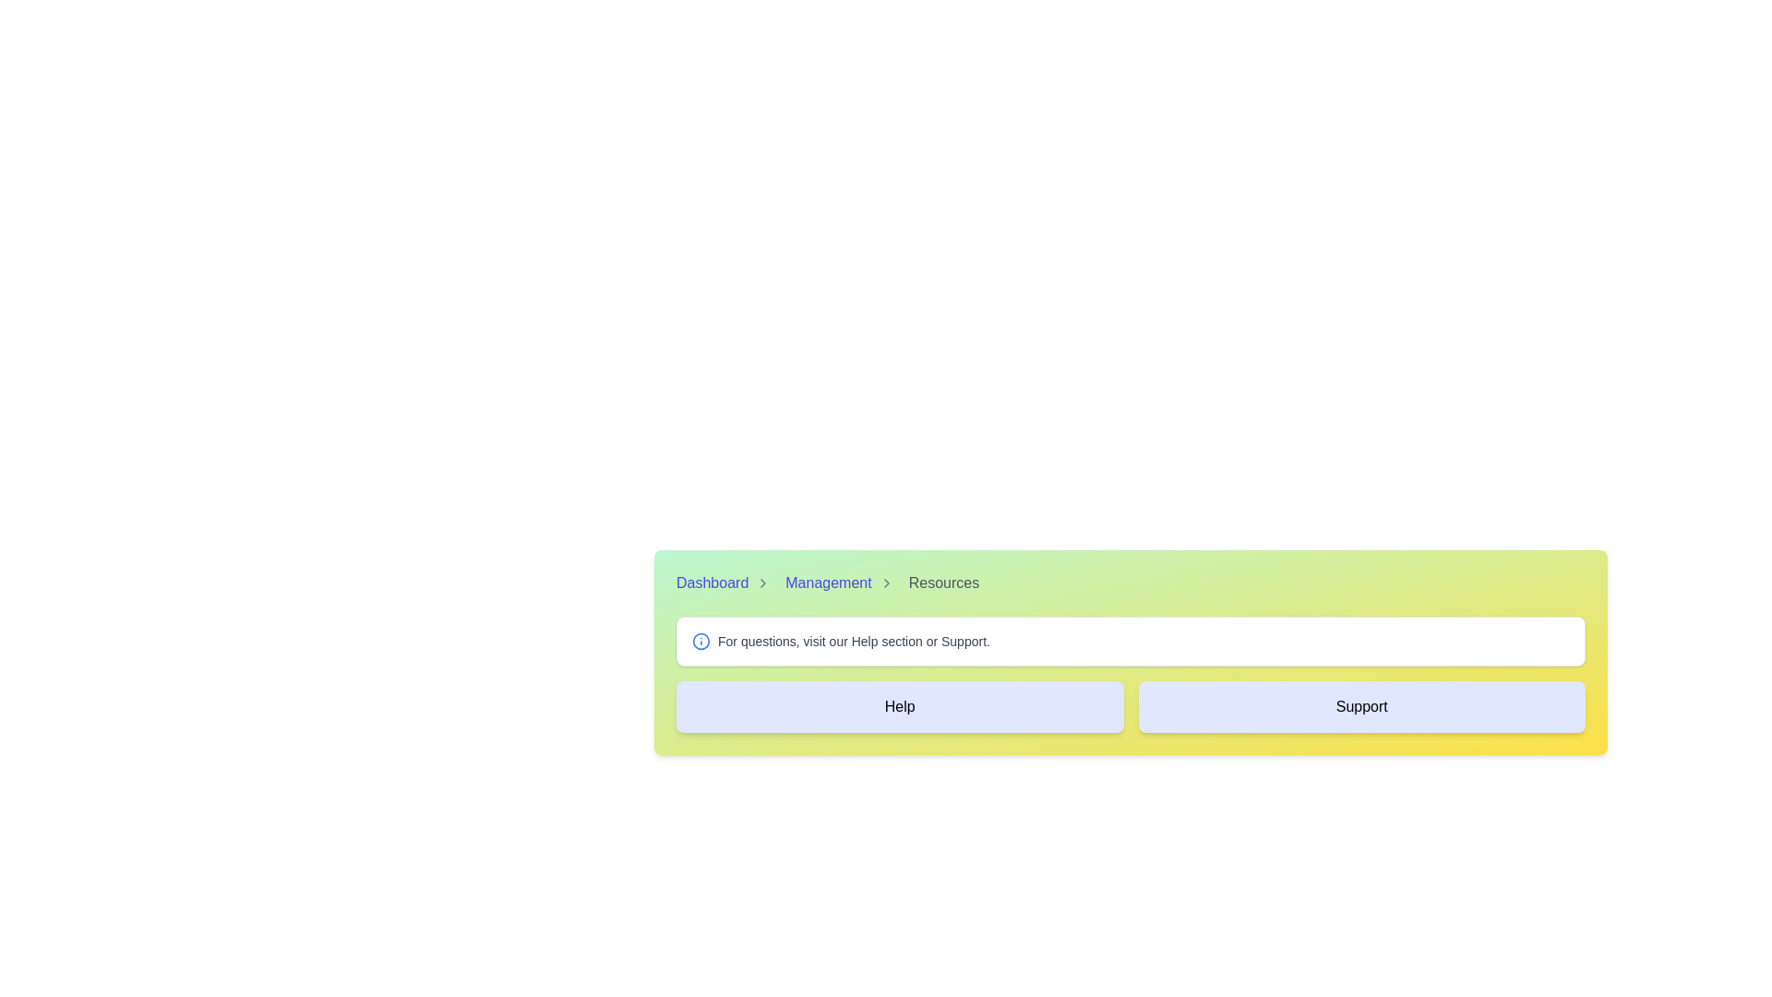 The height and width of the screenshot is (997, 1772). I want to click on the interactive breadcrumb link labeled 'Dashboard', which is styled with a blue underlined font and is the first link, so click(726, 583).